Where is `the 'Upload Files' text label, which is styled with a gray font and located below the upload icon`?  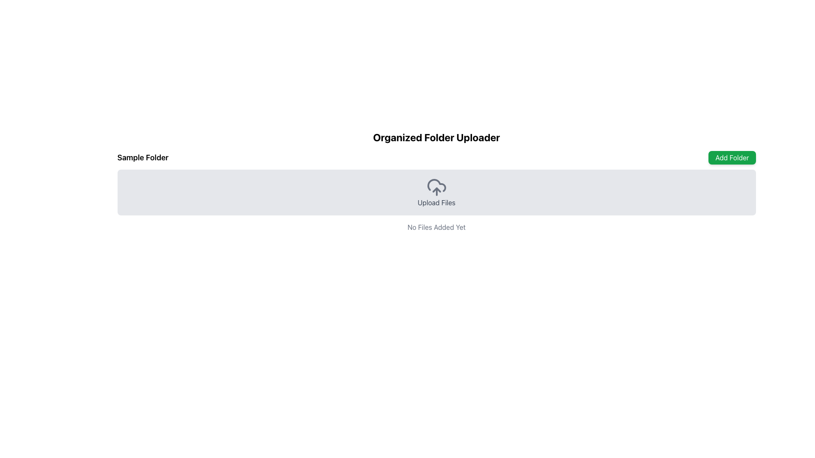
the 'Upload Files' text label, which is styled with a gray font and located below the upload icon is located at coordinates (436, 203).